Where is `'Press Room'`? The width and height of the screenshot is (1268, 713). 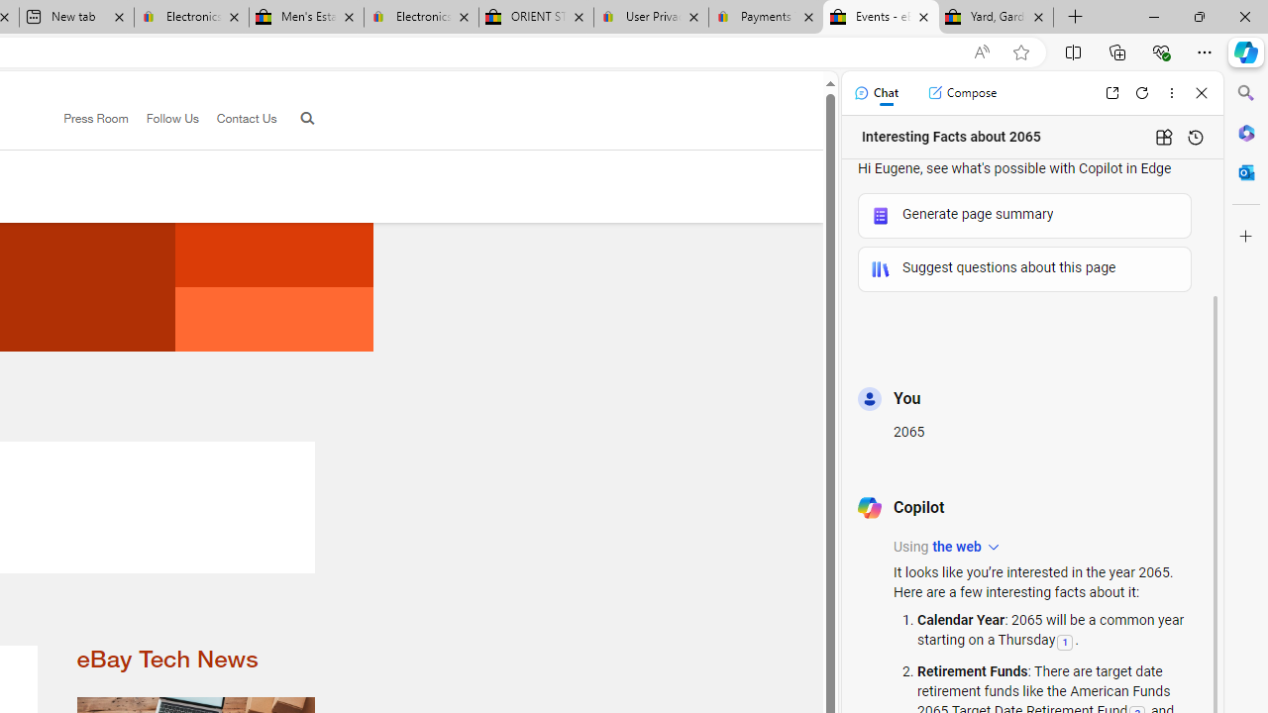 'Press Room' is located at coordinates (86, 119).